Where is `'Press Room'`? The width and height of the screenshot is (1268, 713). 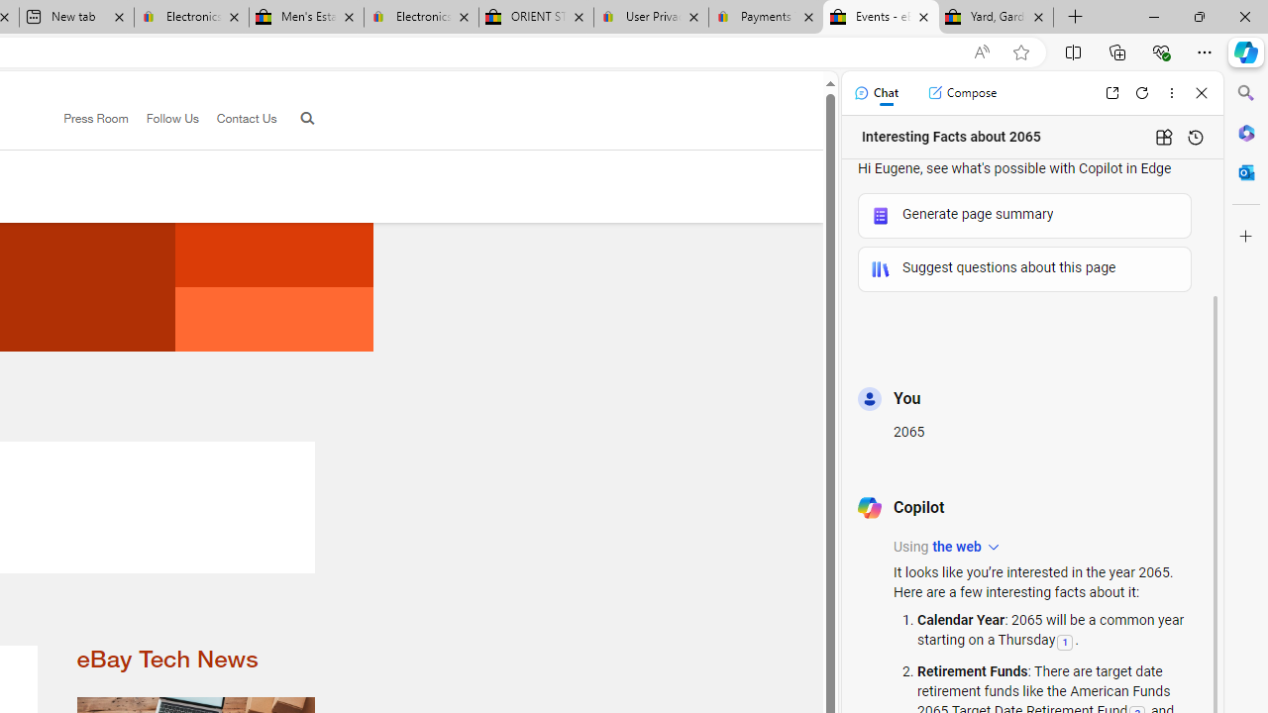 'Press Room' is located at coordinates (86, 119).